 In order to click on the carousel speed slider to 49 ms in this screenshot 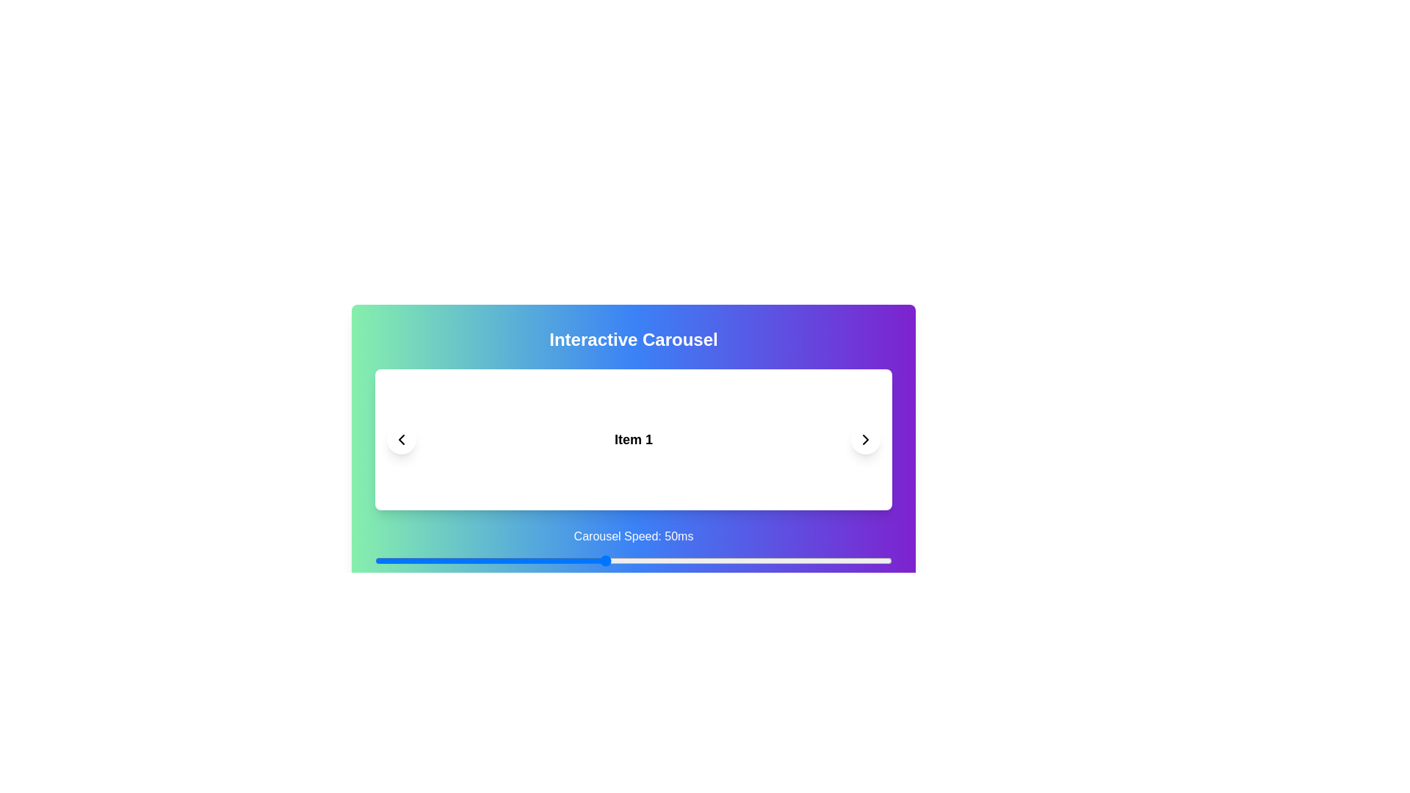, I will do `click(599, 560)`.